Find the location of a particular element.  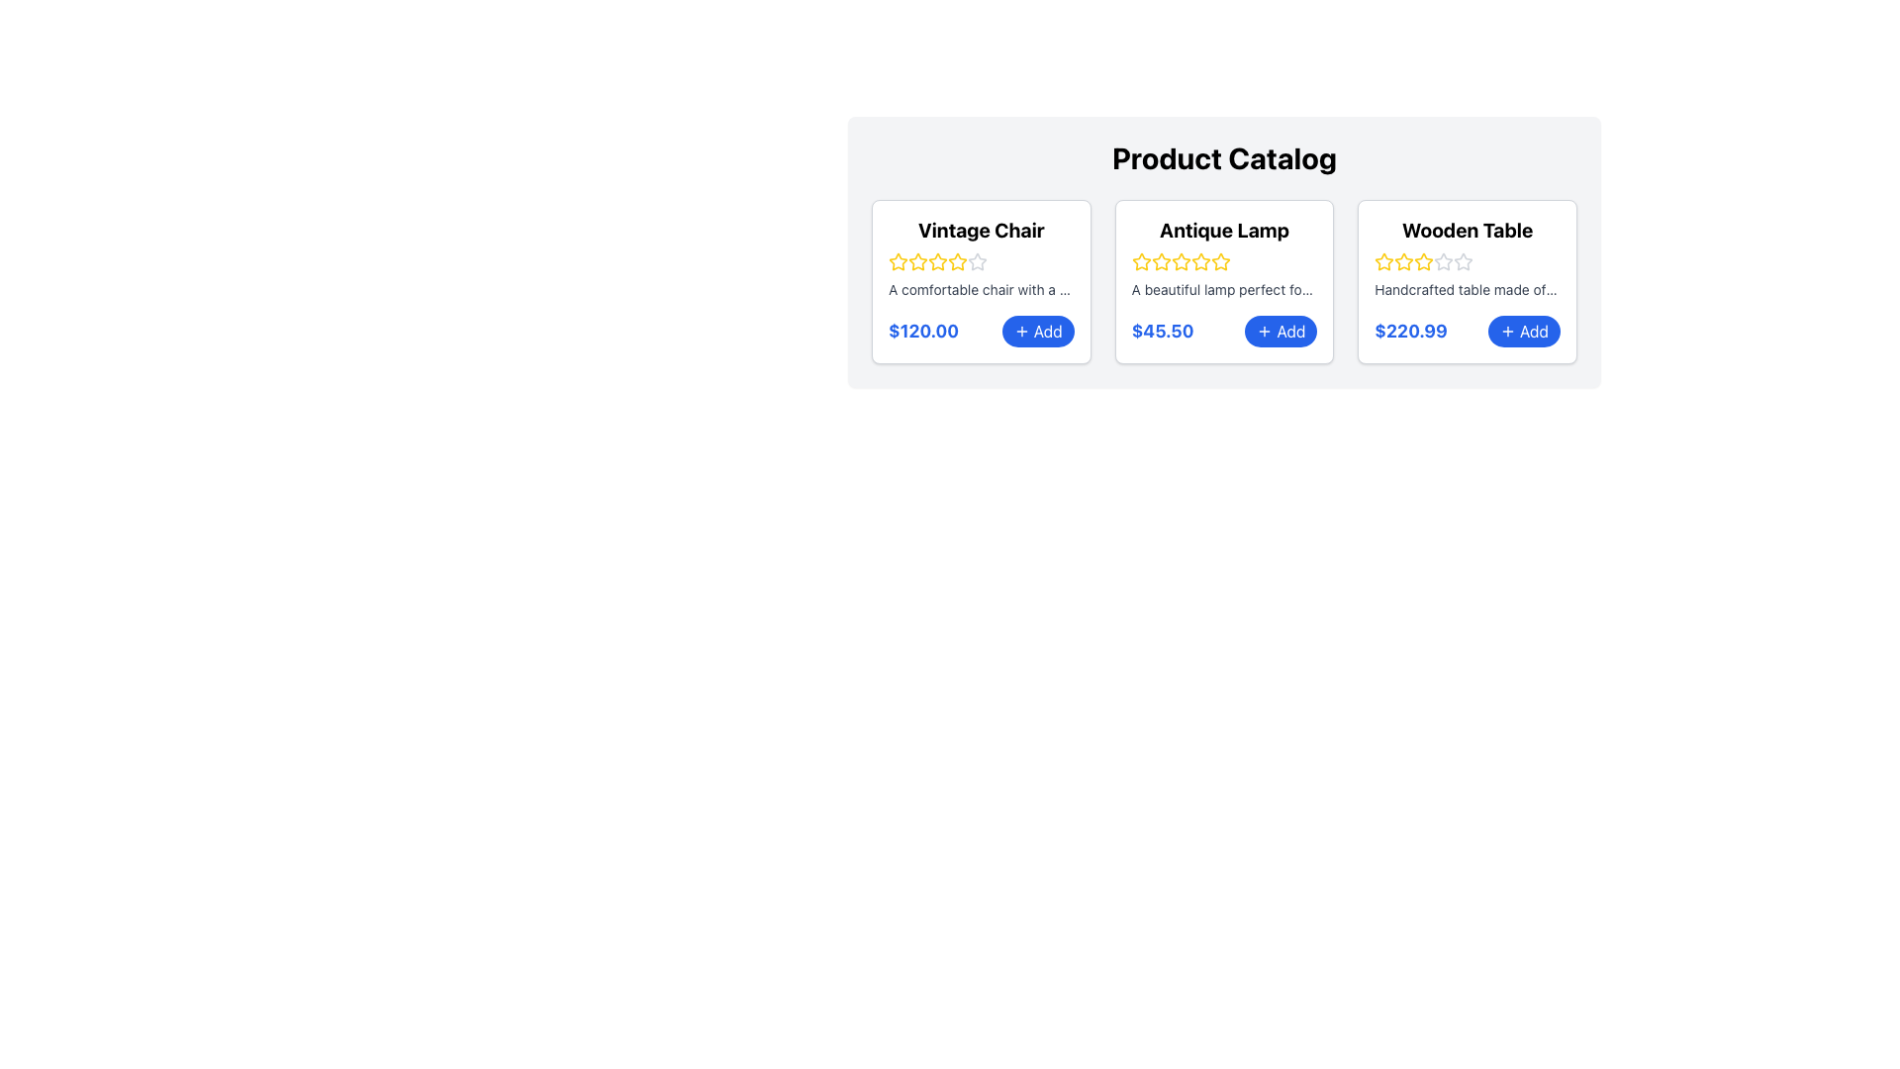

the second yellow star in the rating system for the 'Antique Lamp' product card is located at coordinates (1181, 259).